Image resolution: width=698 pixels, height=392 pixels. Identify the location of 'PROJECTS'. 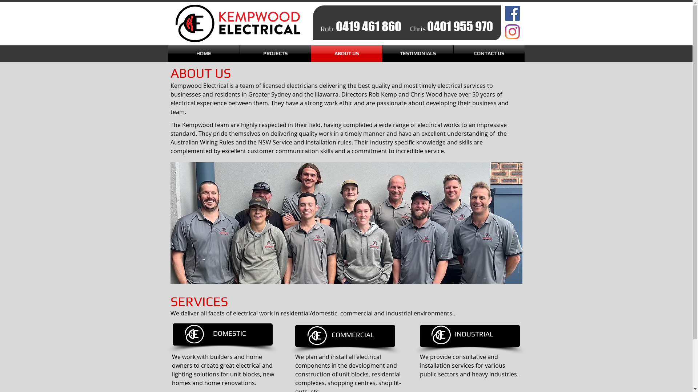
(275, 53).